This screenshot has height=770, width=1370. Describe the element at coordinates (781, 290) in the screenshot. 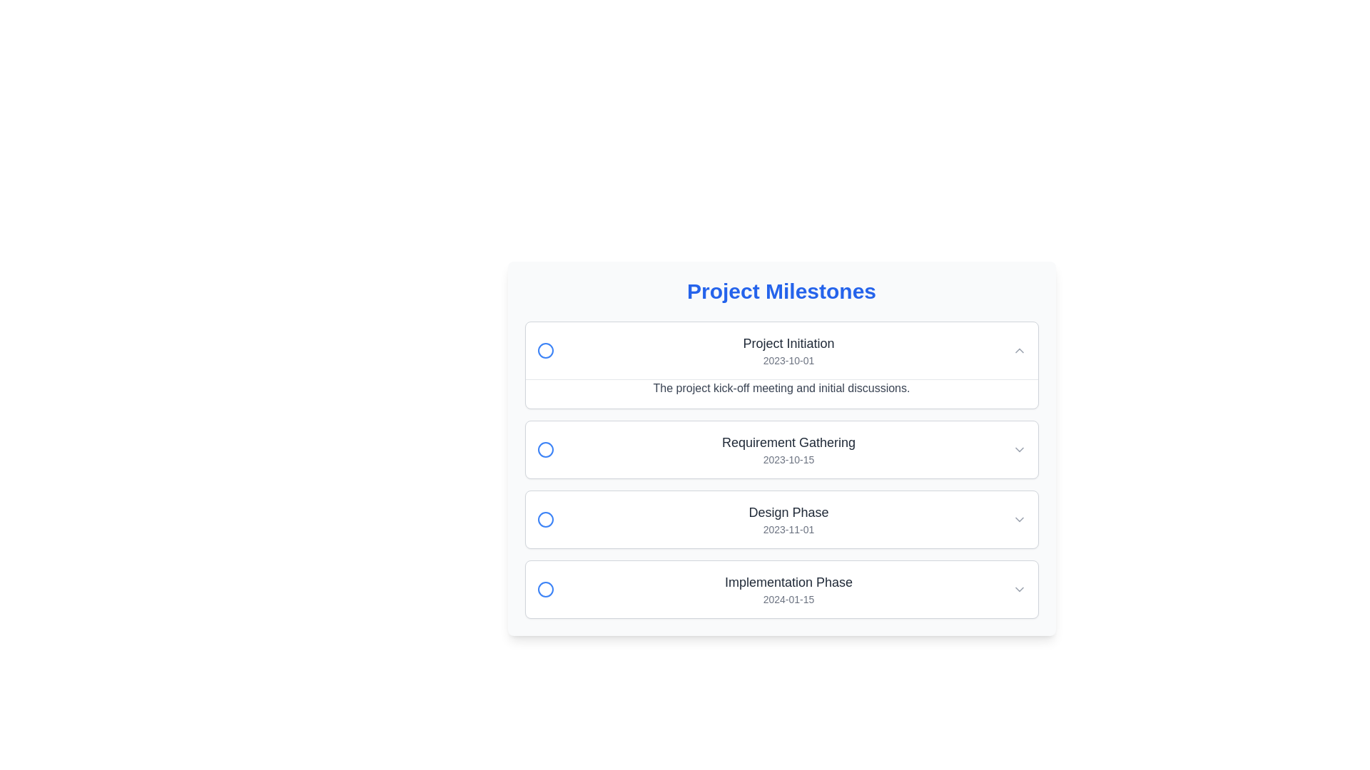

I see `title text 'Project Milestones', which is prominently displayed in bold blue font above the list of milestones` at that location.